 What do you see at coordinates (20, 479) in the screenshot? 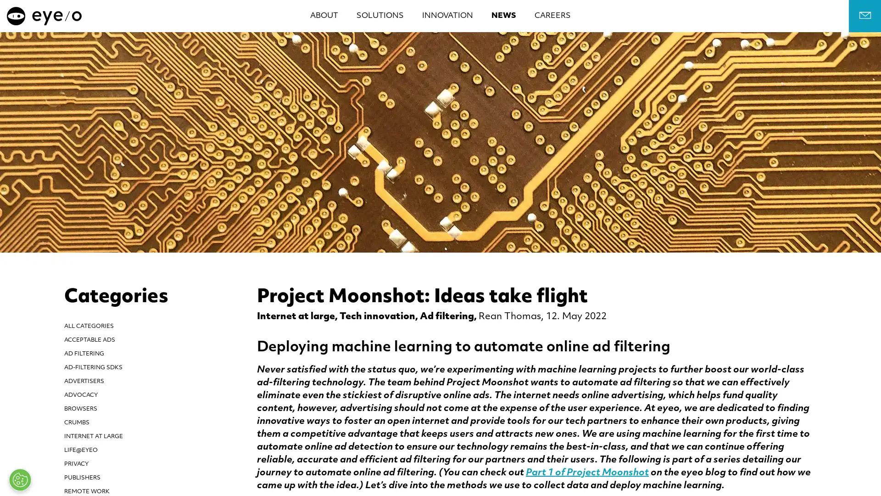
I see `Open Preferences` at bounding box center [20, 479].